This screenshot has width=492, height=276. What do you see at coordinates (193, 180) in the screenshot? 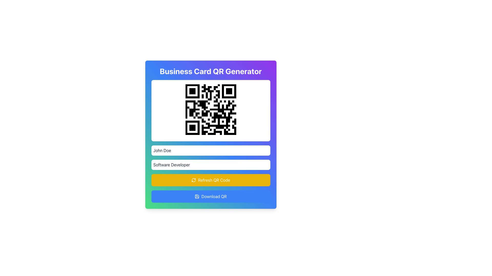
I see `the circular arrow icon with a yellow background, which represents a refresh action, located on the left side of the 'Refresh QR Code' button` at bounding box center [193, 180].